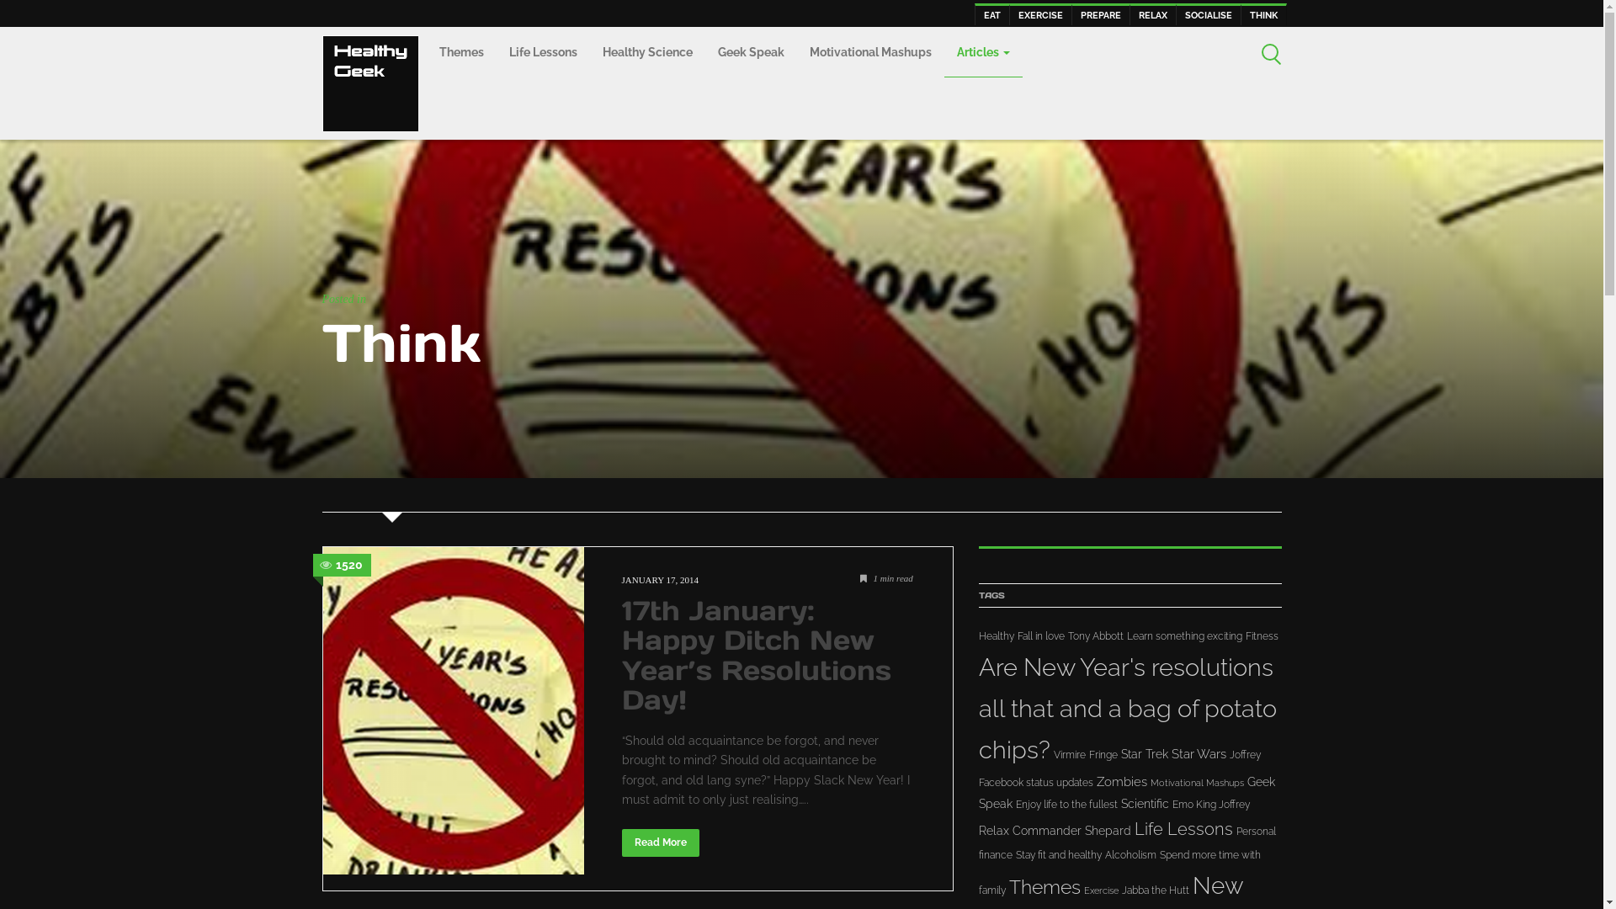 The height and width of the screenshot is (909, 1616). Describe the element at coordinates (1244, 754) in the screenshot. I see `'Joffrey'` at that location.